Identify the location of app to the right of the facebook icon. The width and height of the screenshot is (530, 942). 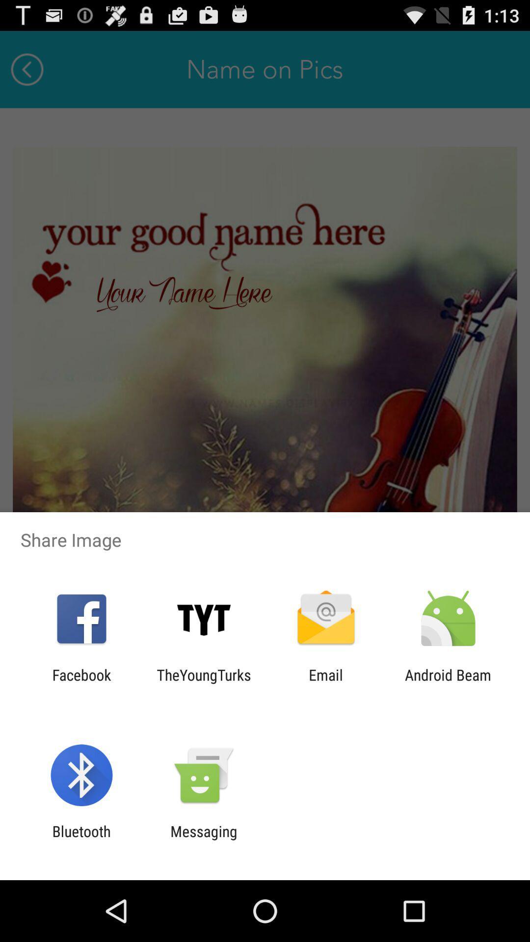
(203, 683).